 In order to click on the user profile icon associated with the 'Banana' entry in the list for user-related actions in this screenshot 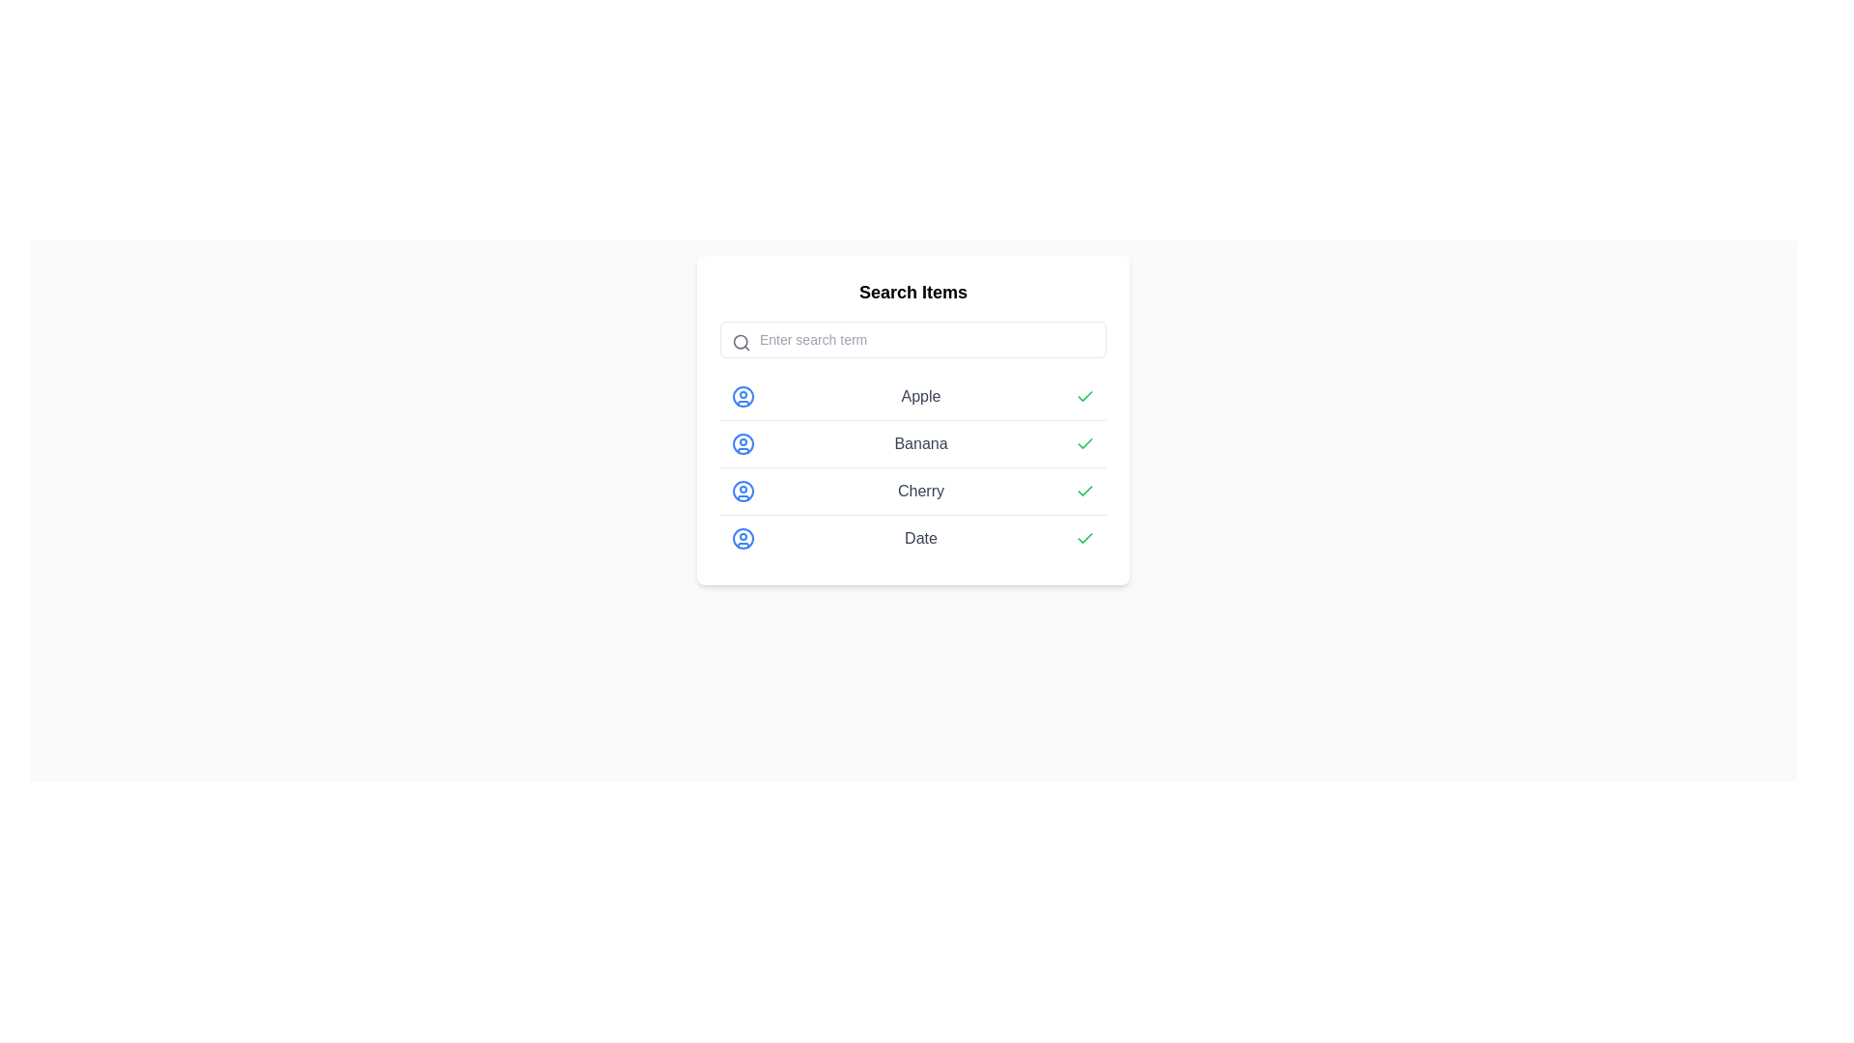, I will do `click(742, 443)`.